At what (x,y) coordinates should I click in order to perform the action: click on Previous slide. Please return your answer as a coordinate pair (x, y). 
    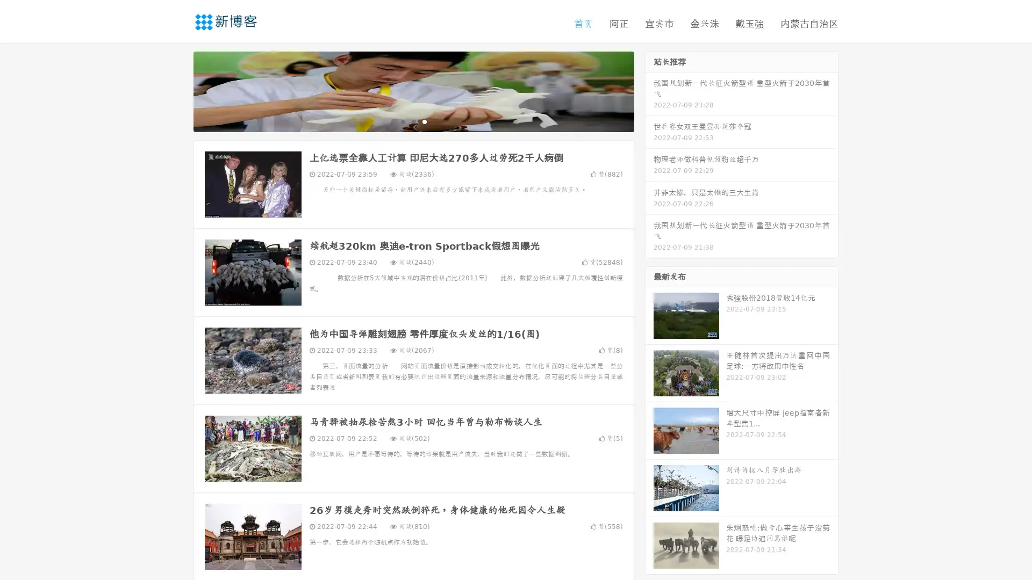
    Looking at the image, I should click on (177, 90).